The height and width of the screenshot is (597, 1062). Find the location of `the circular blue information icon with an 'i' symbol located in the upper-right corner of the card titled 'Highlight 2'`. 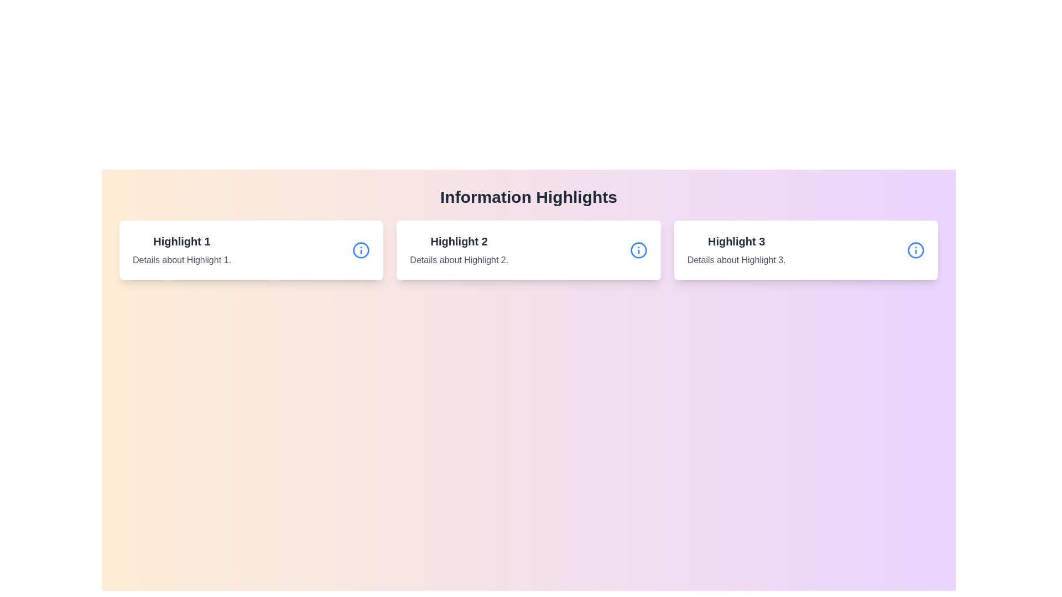

the circular blue information icon with an 'i' symbol located in the upper-right corner of the card titled 'Highlight 2' is located at coordinates (638, 250).